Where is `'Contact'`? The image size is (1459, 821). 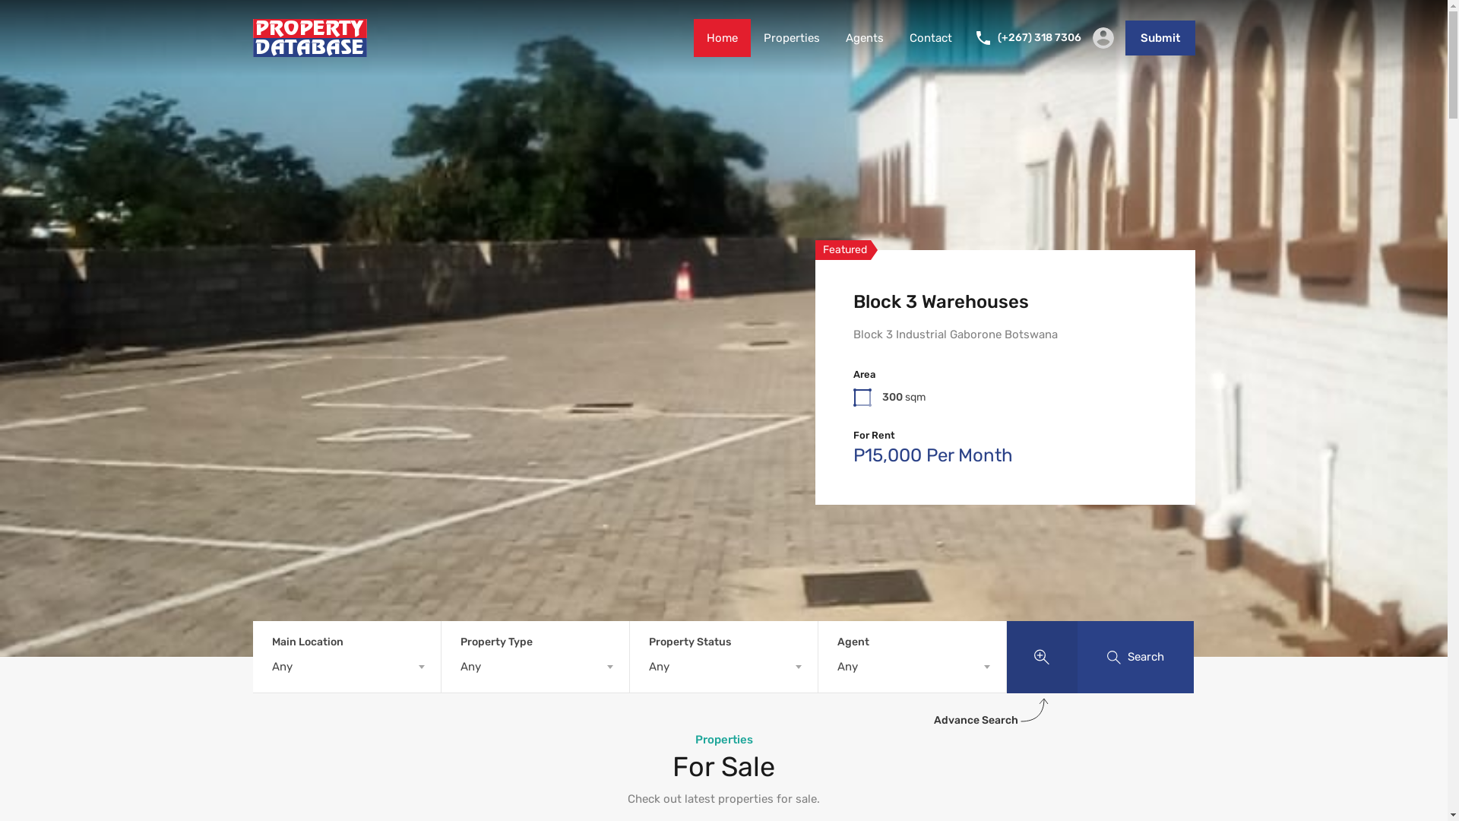 'Contact' is located at coordinates (929, 37).